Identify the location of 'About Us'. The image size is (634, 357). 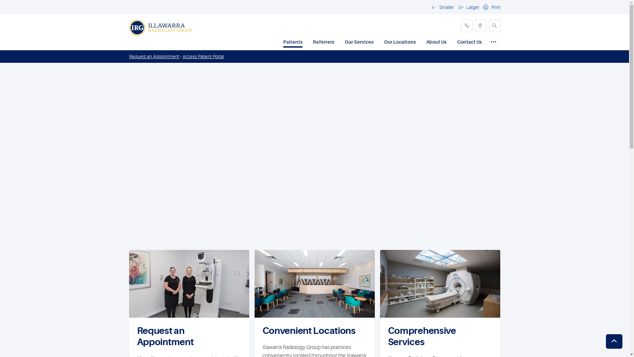
(436, 42).